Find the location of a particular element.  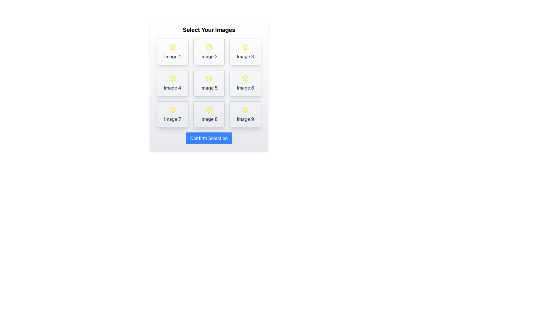

the card labeled 'Image 8' located is located at coordinates (209, 114).